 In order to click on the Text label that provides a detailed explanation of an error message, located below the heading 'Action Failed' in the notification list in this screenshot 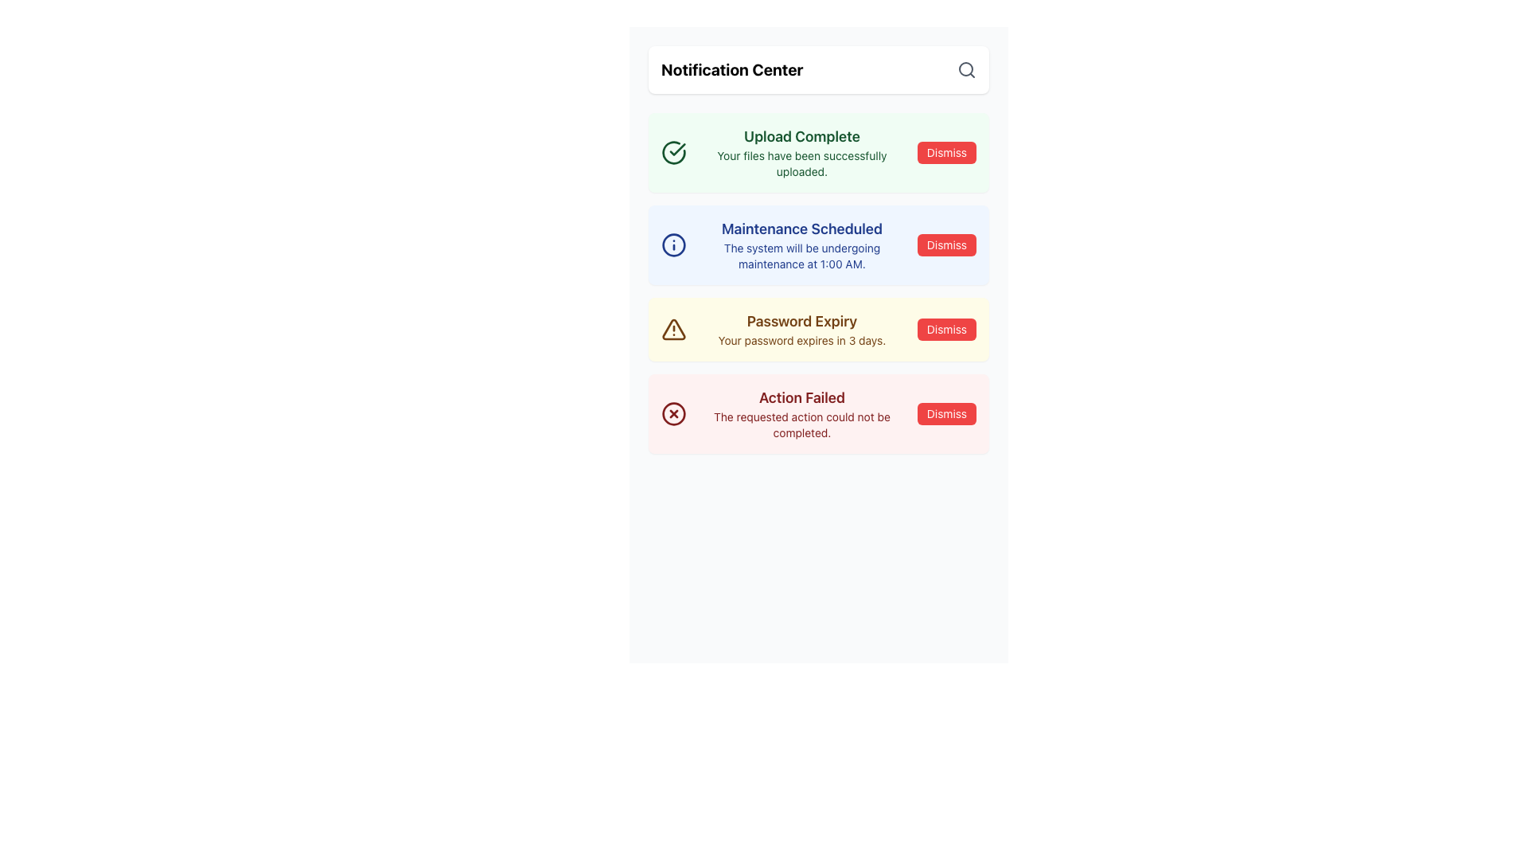, I will do `click(802, 424)`.